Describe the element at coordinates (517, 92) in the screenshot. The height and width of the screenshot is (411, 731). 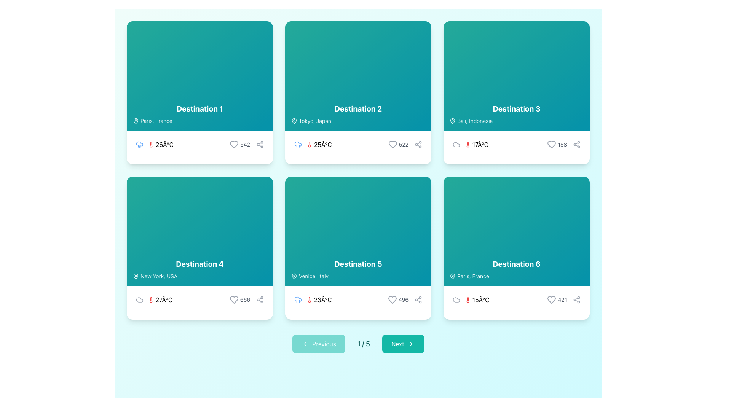
I see `displayed information on the Informative Card located in the third column of the first row within a grid layout` at that location.